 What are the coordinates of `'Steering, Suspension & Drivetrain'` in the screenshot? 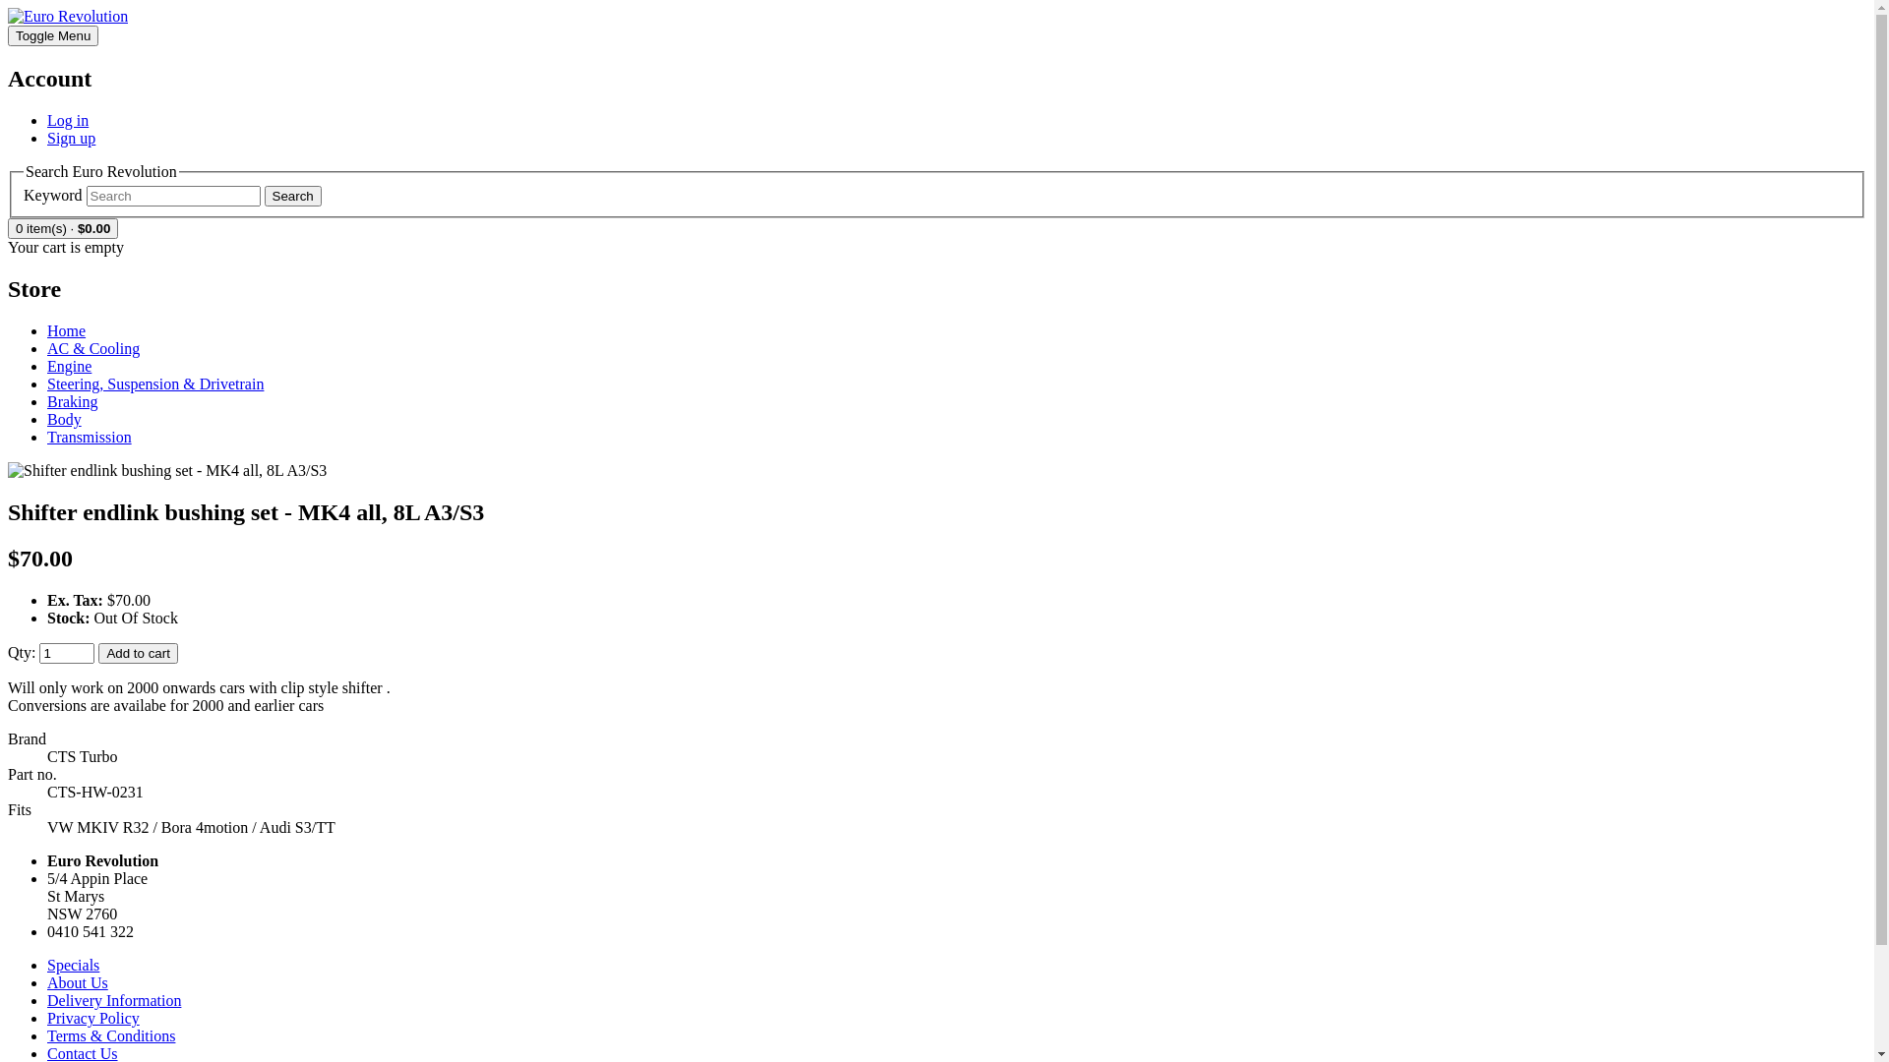 It's located at (47, 383).